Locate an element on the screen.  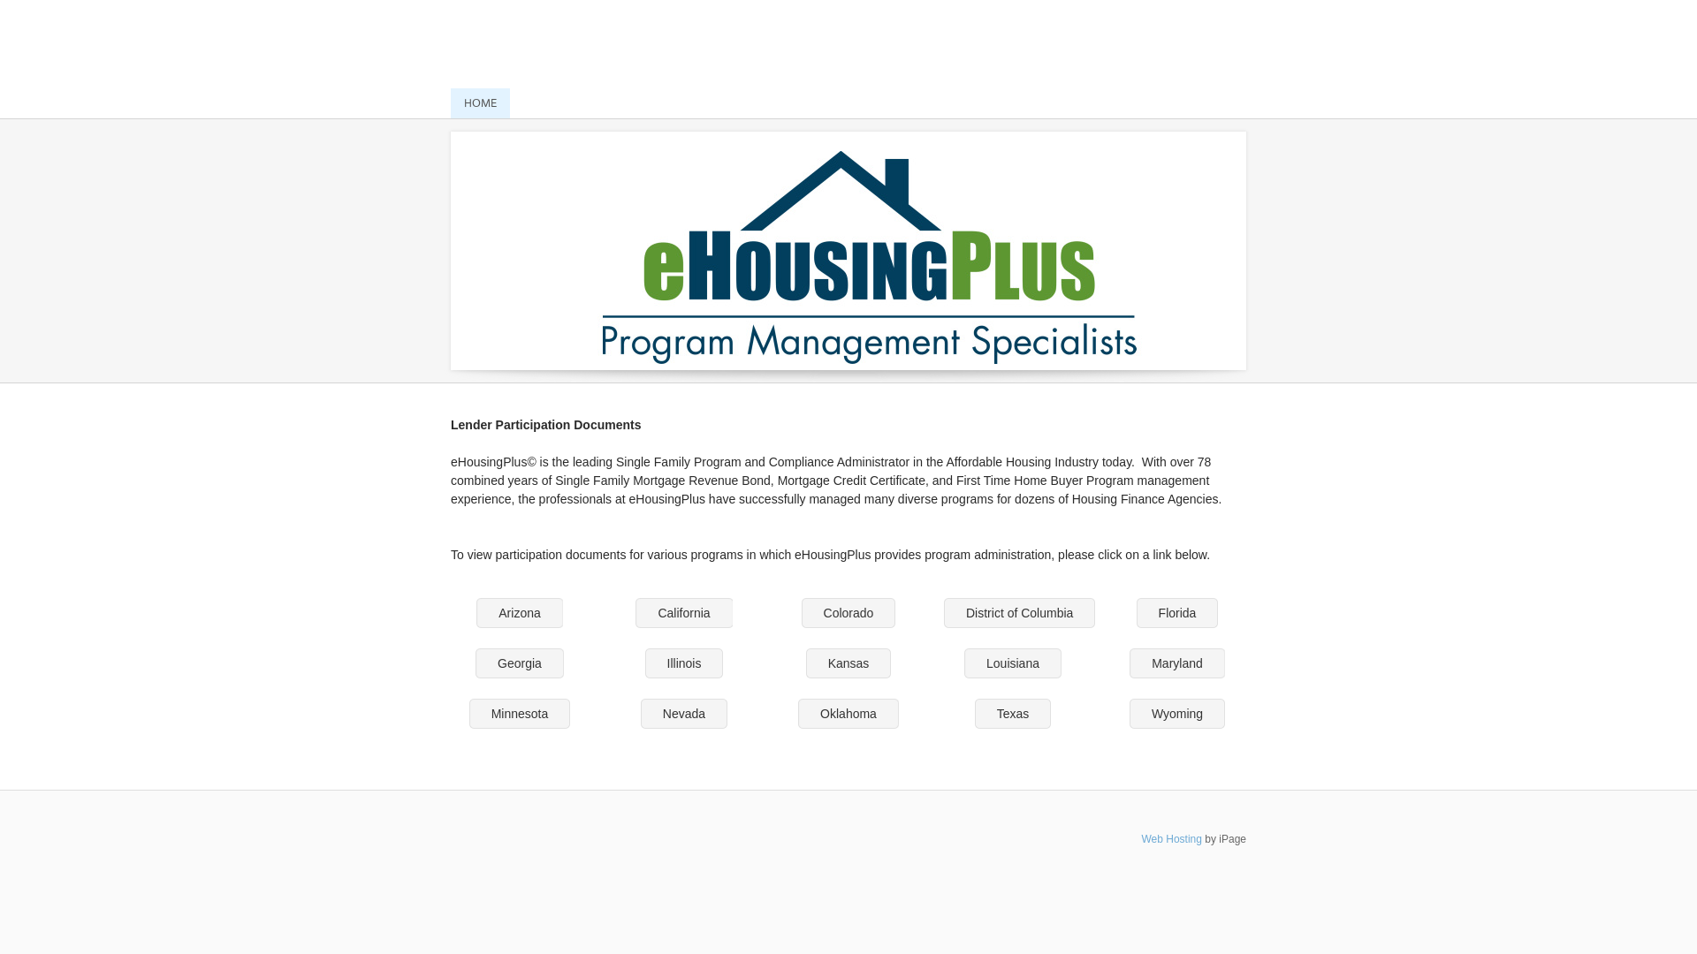
'Nevada' is located at coordinates (639, 712).